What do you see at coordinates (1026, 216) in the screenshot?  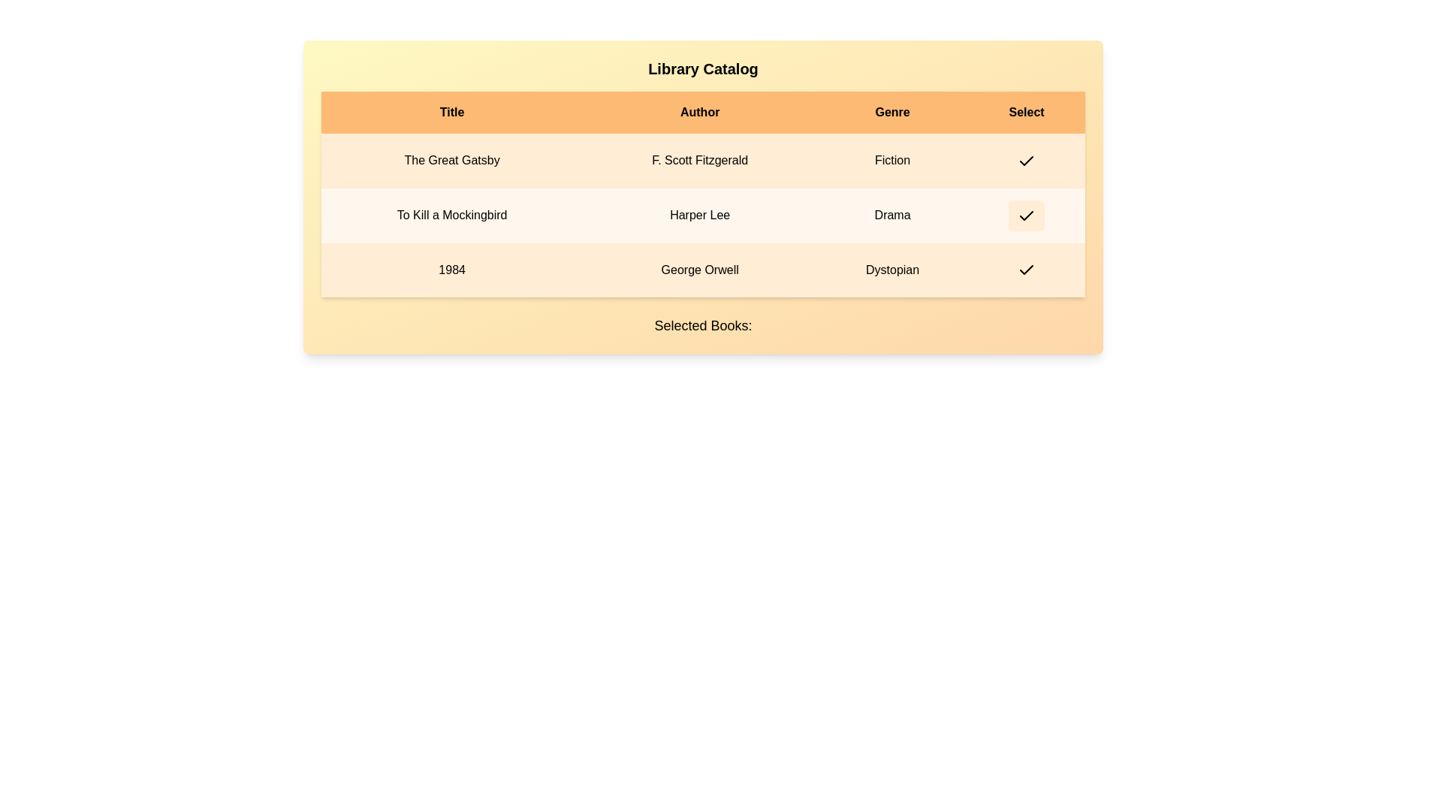 I see `the checkbox or toggle button that indicates the selection of the book 'To Kill a Mockingbird' located in the fourth column of the corresponding table row under the 'Select' column header` at bounding box center [1026, 216].